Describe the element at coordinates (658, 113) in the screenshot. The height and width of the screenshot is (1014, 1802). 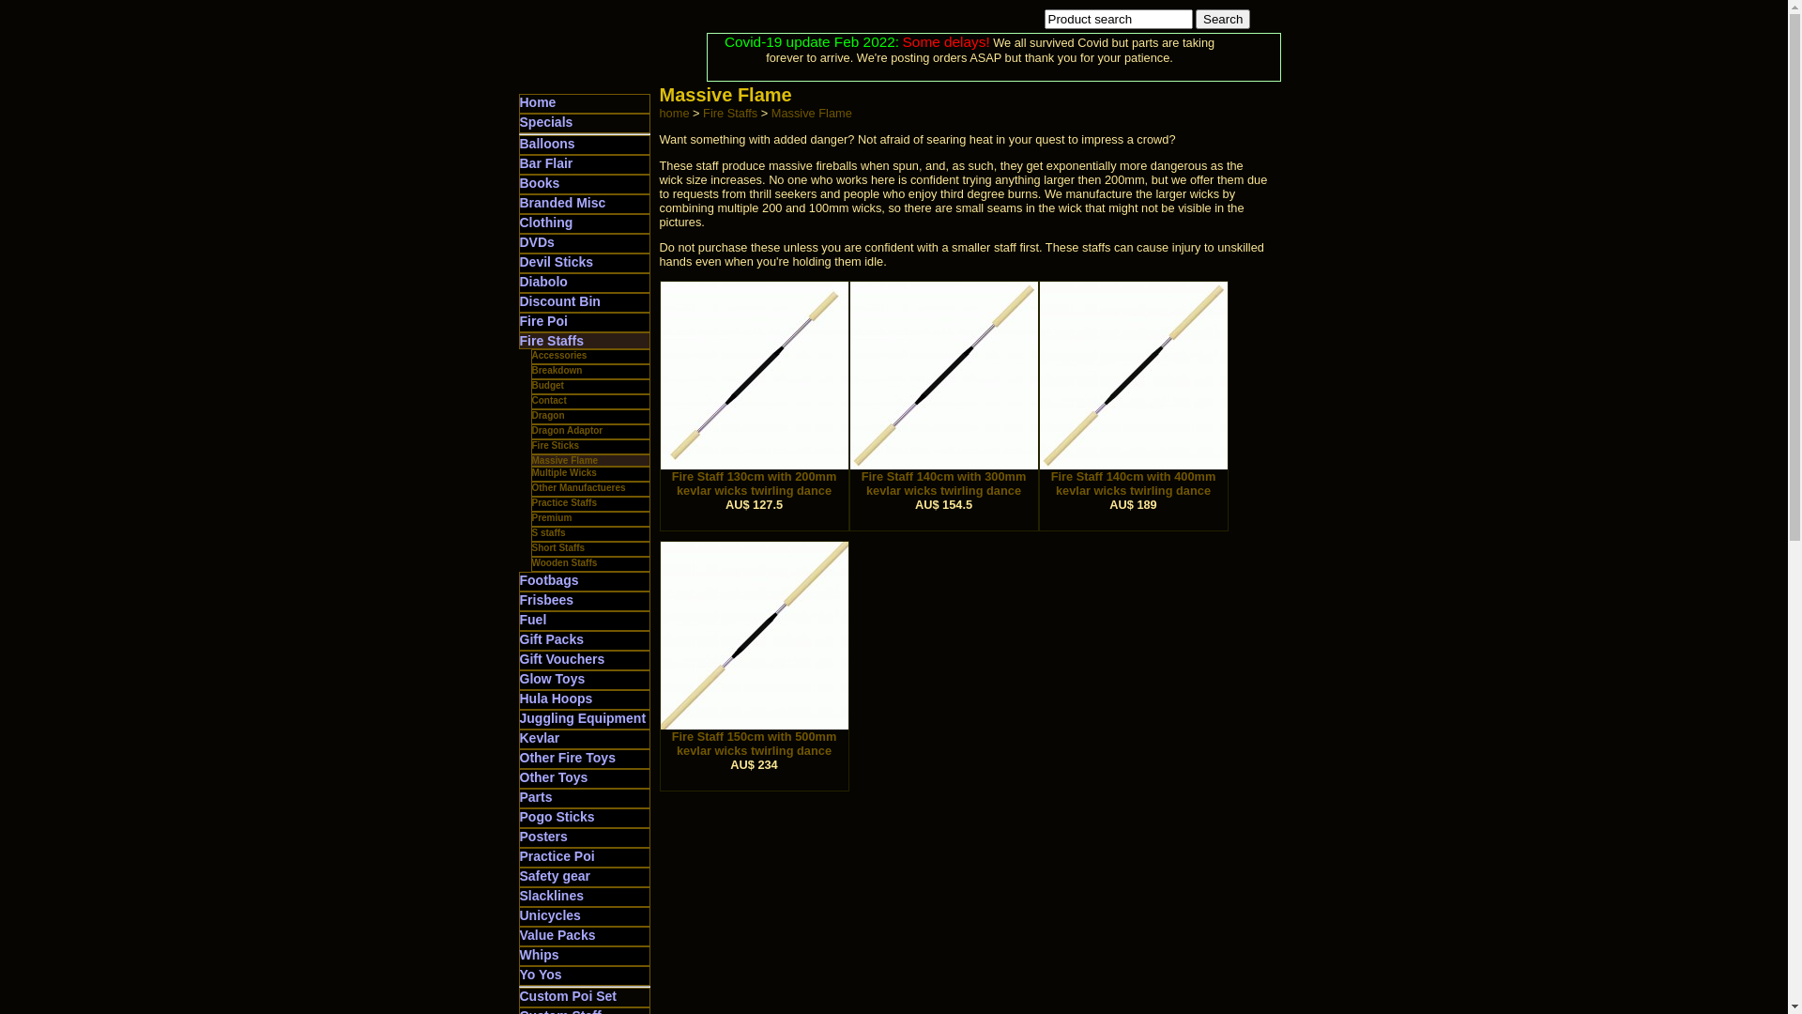
I see `'home'` at that location.